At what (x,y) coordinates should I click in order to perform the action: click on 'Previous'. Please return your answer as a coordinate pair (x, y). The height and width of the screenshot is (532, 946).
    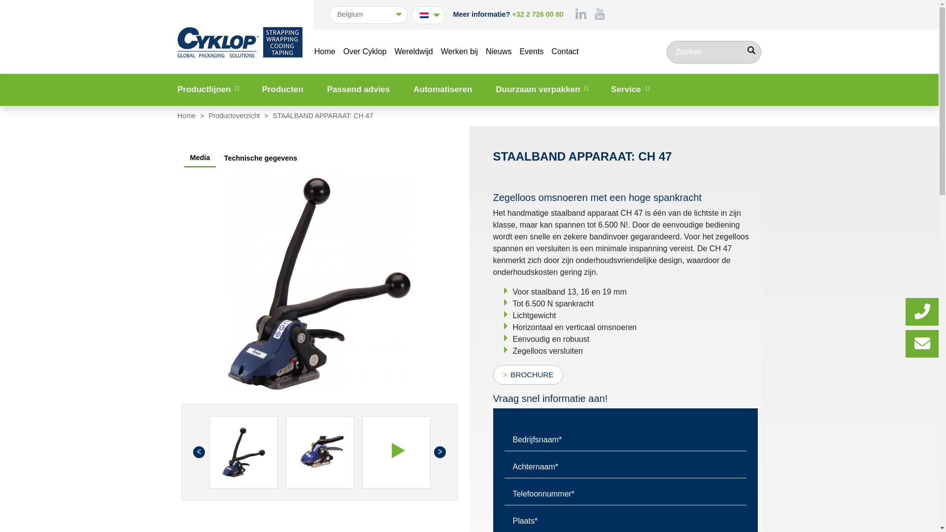
    Looking at the image, I should click on (198, 452).